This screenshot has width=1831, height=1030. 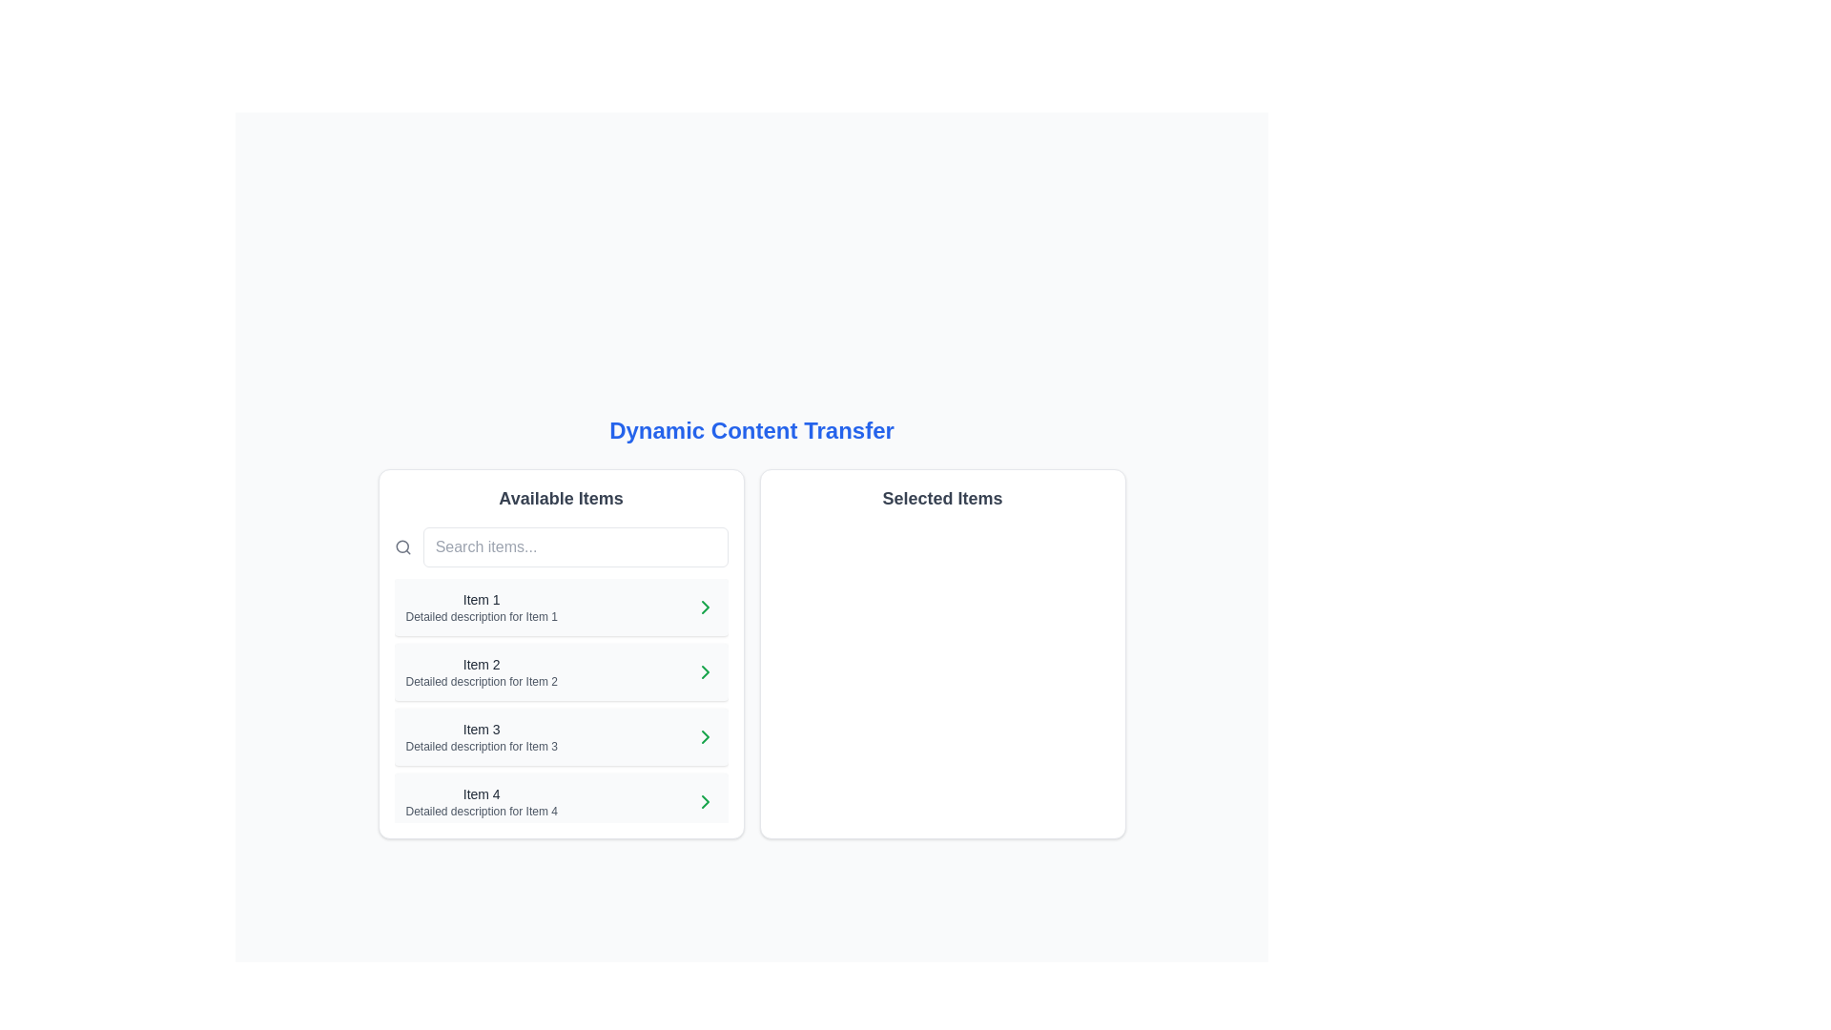 What do you see at coordinates (704, 735) in the screenshot?
I see `the rightward green arrow icon, which serves as a navigation pointer` at bounding box center [704, 735].